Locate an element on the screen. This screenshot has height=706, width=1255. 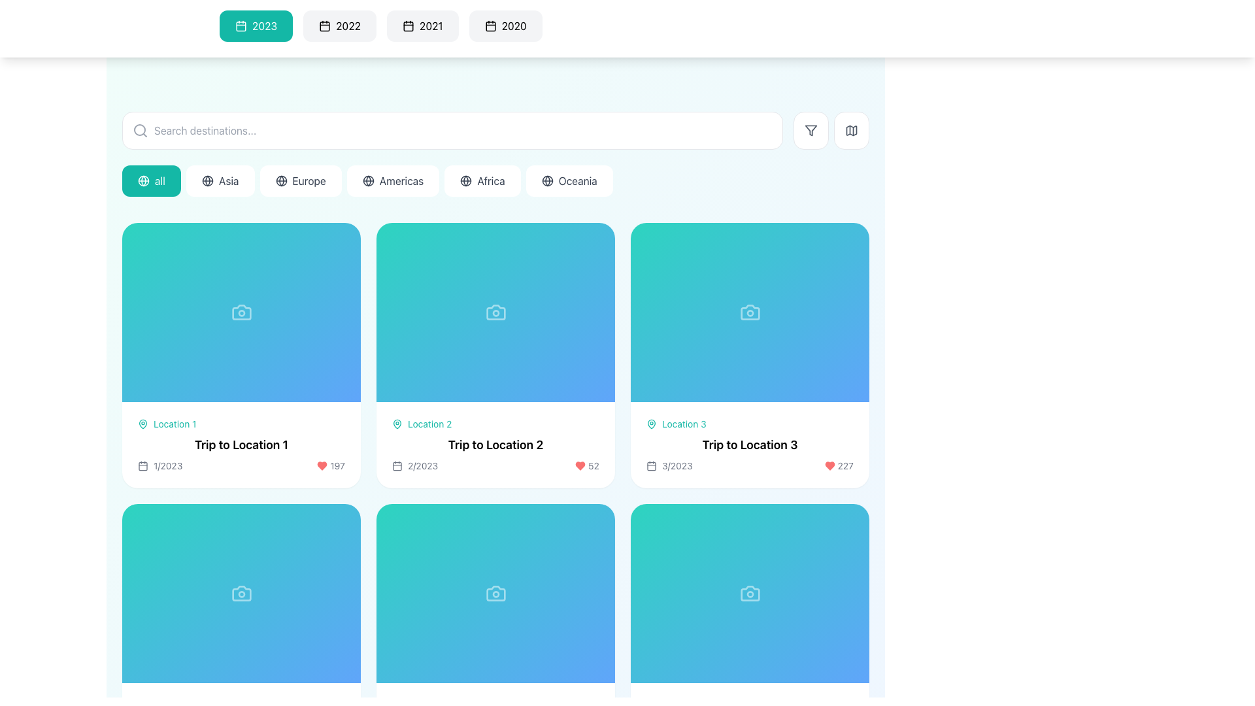
the globe icon associated with the filter button located at the top-left section of the layout above the grid of items is located at coordinates (367, 181).